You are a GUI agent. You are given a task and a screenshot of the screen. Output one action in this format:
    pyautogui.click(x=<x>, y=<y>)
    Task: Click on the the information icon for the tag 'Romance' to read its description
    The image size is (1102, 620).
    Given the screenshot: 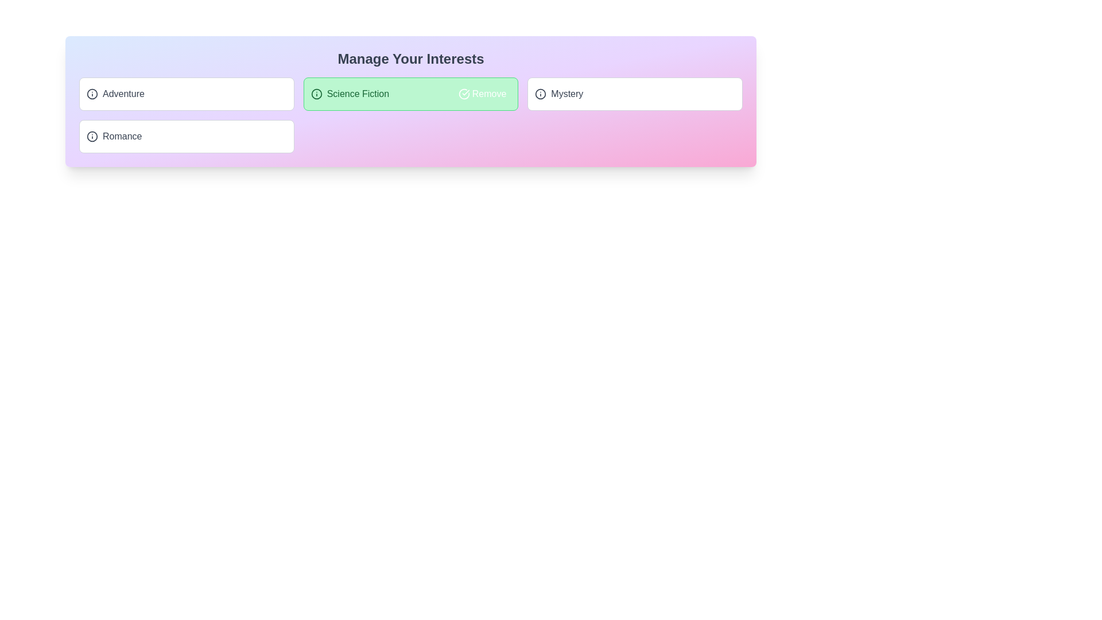 What is the action you would take?
    pyautogui.click(x=92, y=136)
    